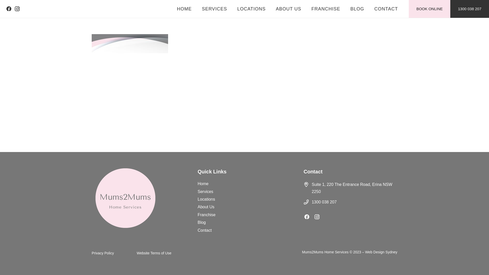  I want to click on 'LOCATIONS', so click(251, 9).